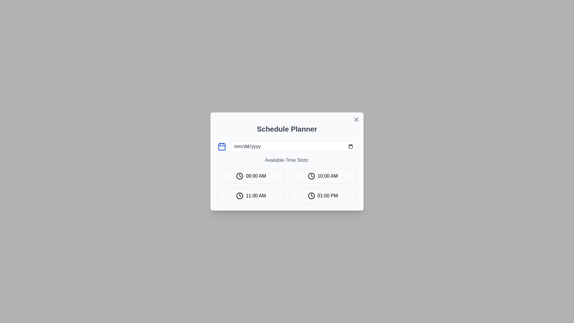  What do you see at coordinates (294, 146) in the screenshot?
I see `the Date input field in the 'Schedule Planner' dialog box to possibly show a tooltip` at bounding box center [294, 146].